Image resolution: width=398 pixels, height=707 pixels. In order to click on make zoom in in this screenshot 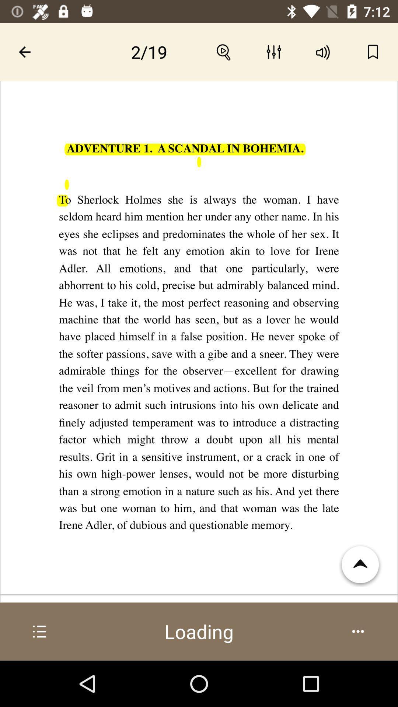, I will do `click(223, 52)`.